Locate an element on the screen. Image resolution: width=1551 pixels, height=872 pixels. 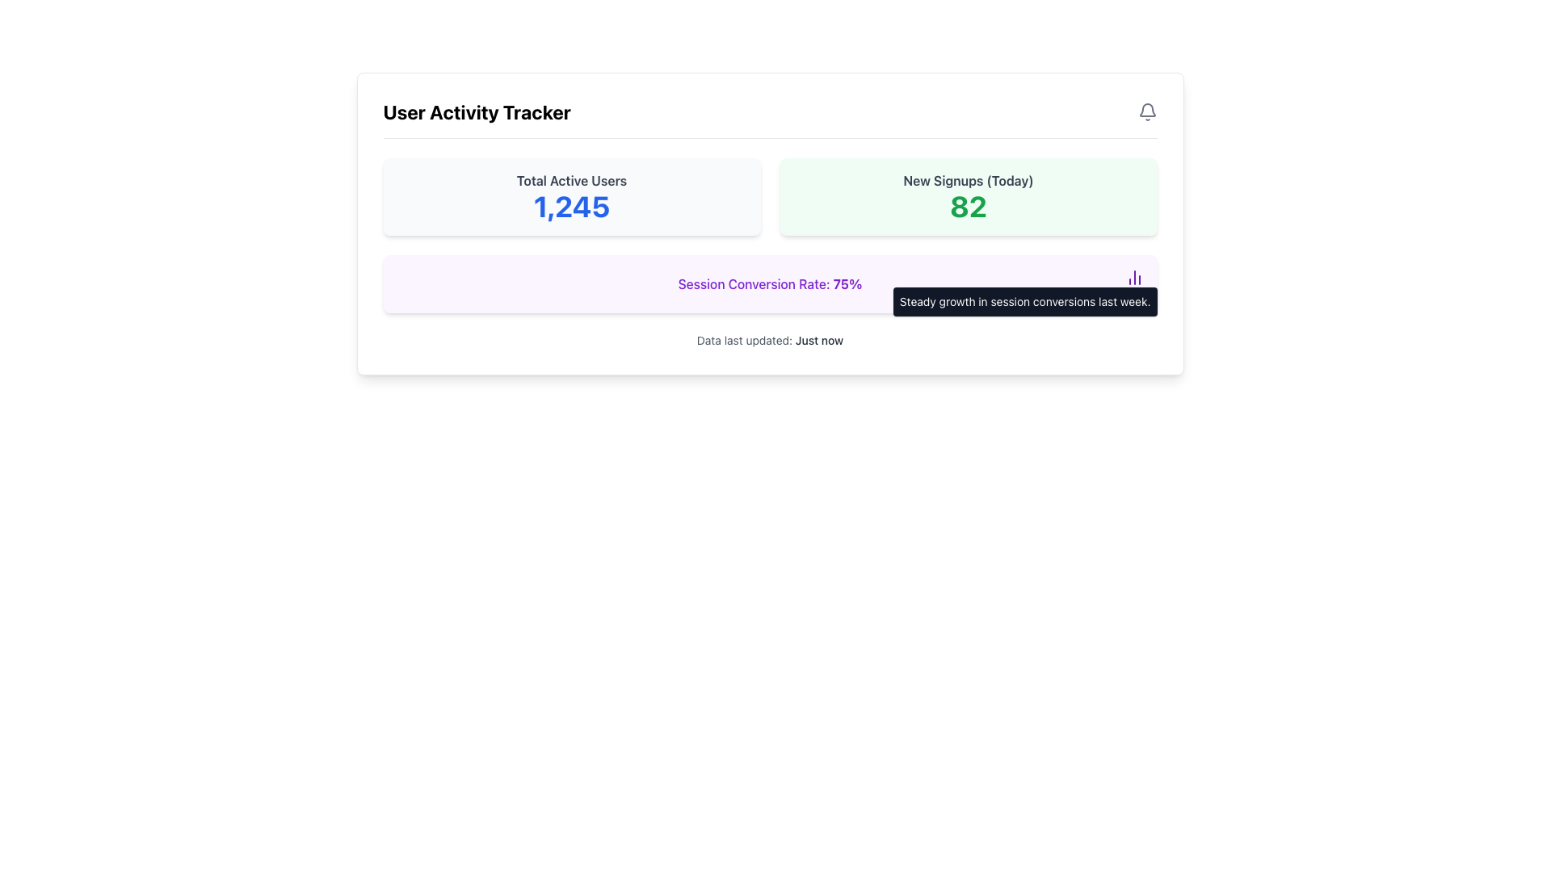
informational tooltip providing details about the session conversion rate trends located at the right side near the top of the card labeled 'Session Conversion Rate: 75% is located at coordinates (1024, 302).